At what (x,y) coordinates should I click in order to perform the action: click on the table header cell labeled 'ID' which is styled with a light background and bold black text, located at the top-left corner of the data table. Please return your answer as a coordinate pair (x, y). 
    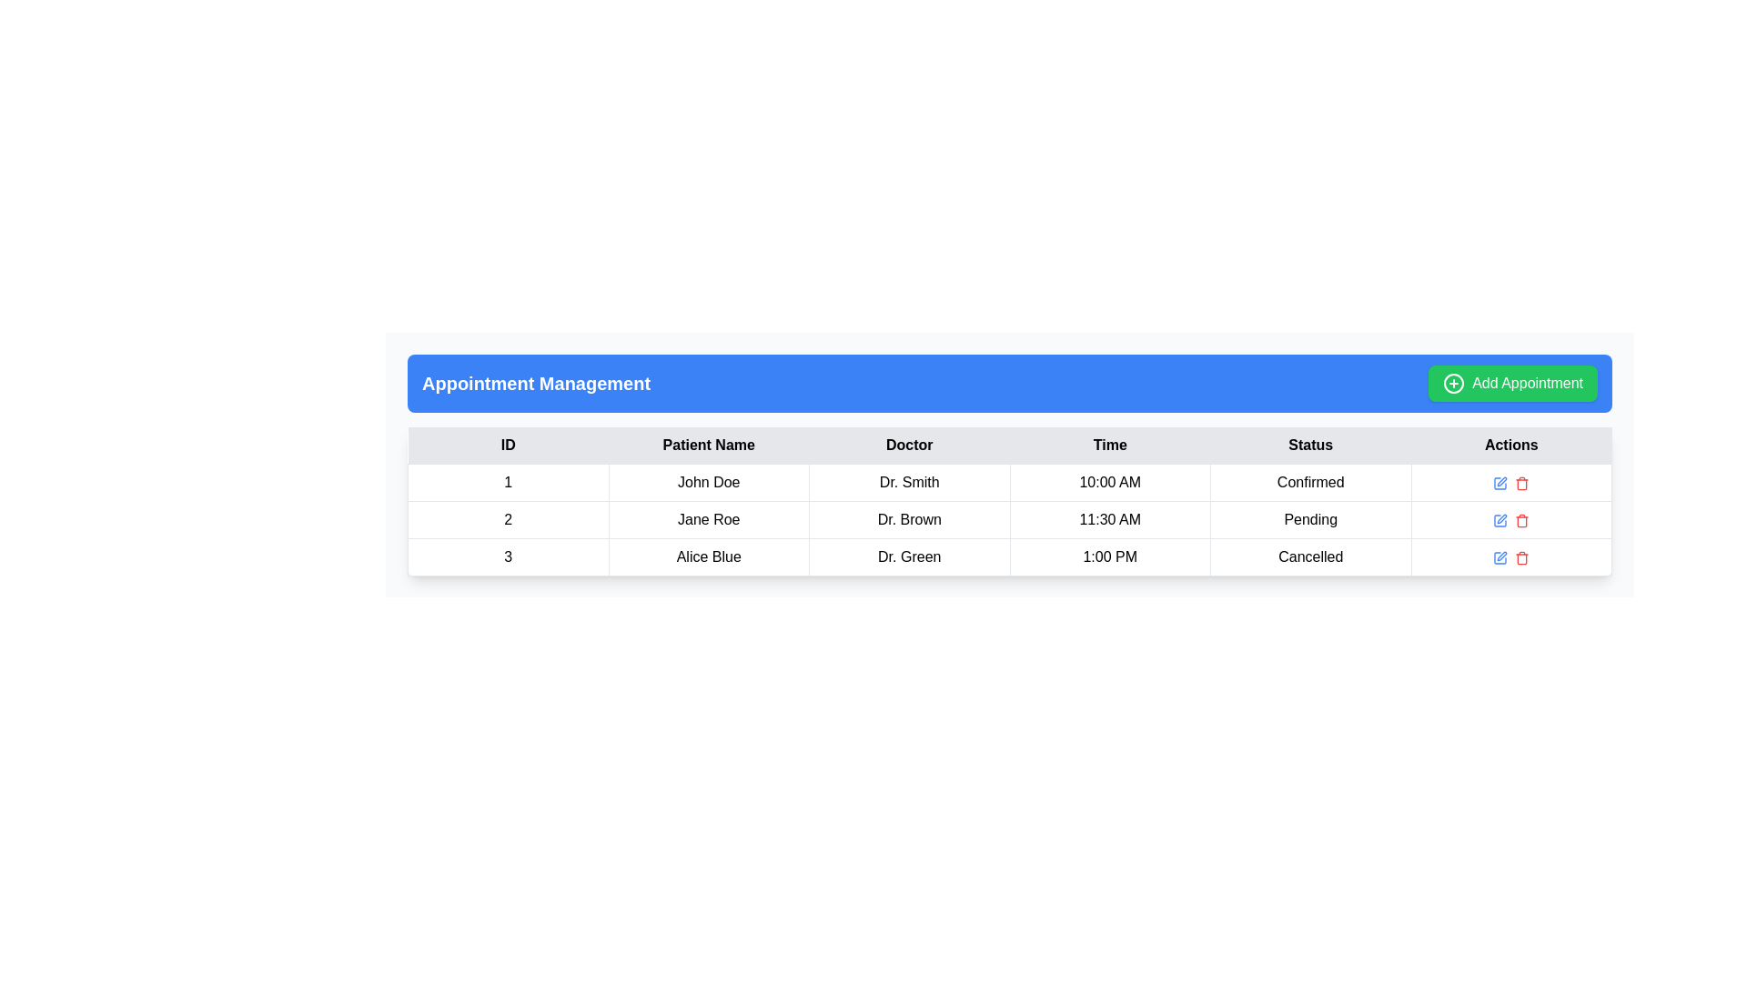
    Looking at the image, I should click on (508, 446).